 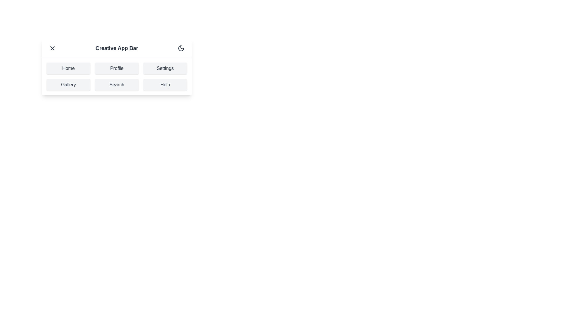 What do you see at coordinates (117, 85) in the screenshot?
I see `the navigation item labeled Search` at bounding box center [117, 85].